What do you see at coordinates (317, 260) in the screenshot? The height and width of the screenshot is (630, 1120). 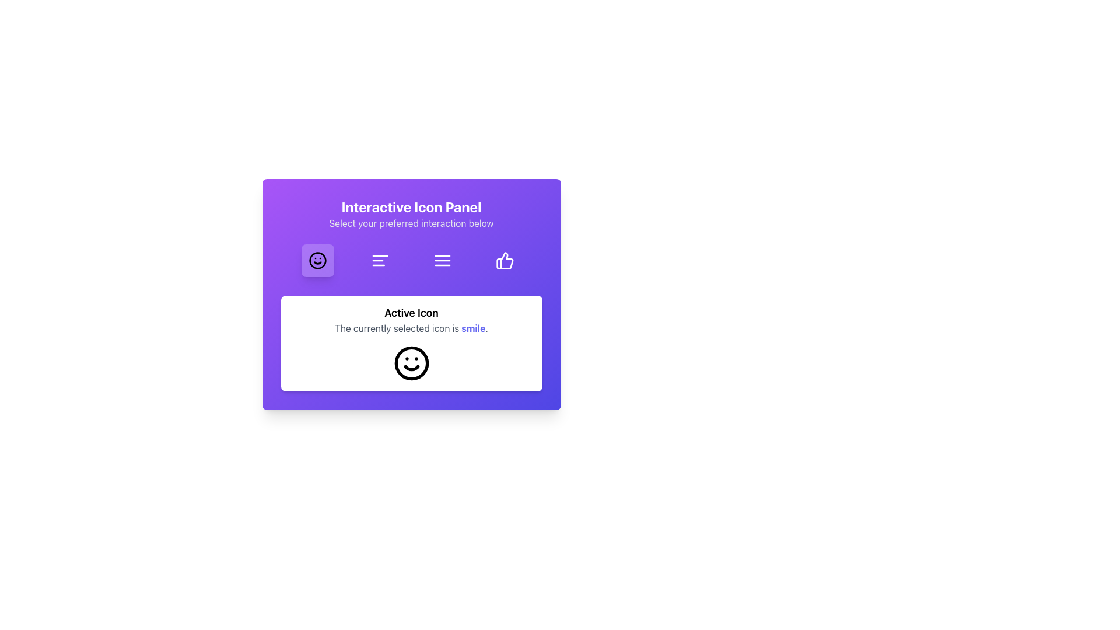 I see `the central SVG Circle that represents the smiley face in the header of the interface pane` at bounding box center [317, 260].